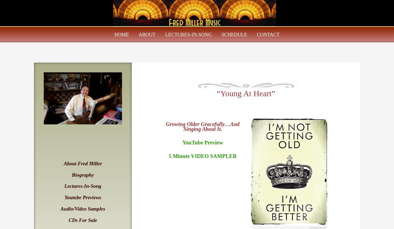 This screenshot has width=394, height=229. What do you see at coordinates (202, 142) in the screenshot?
I see `'YouTube Preview'` at bounding box center [202, 142].